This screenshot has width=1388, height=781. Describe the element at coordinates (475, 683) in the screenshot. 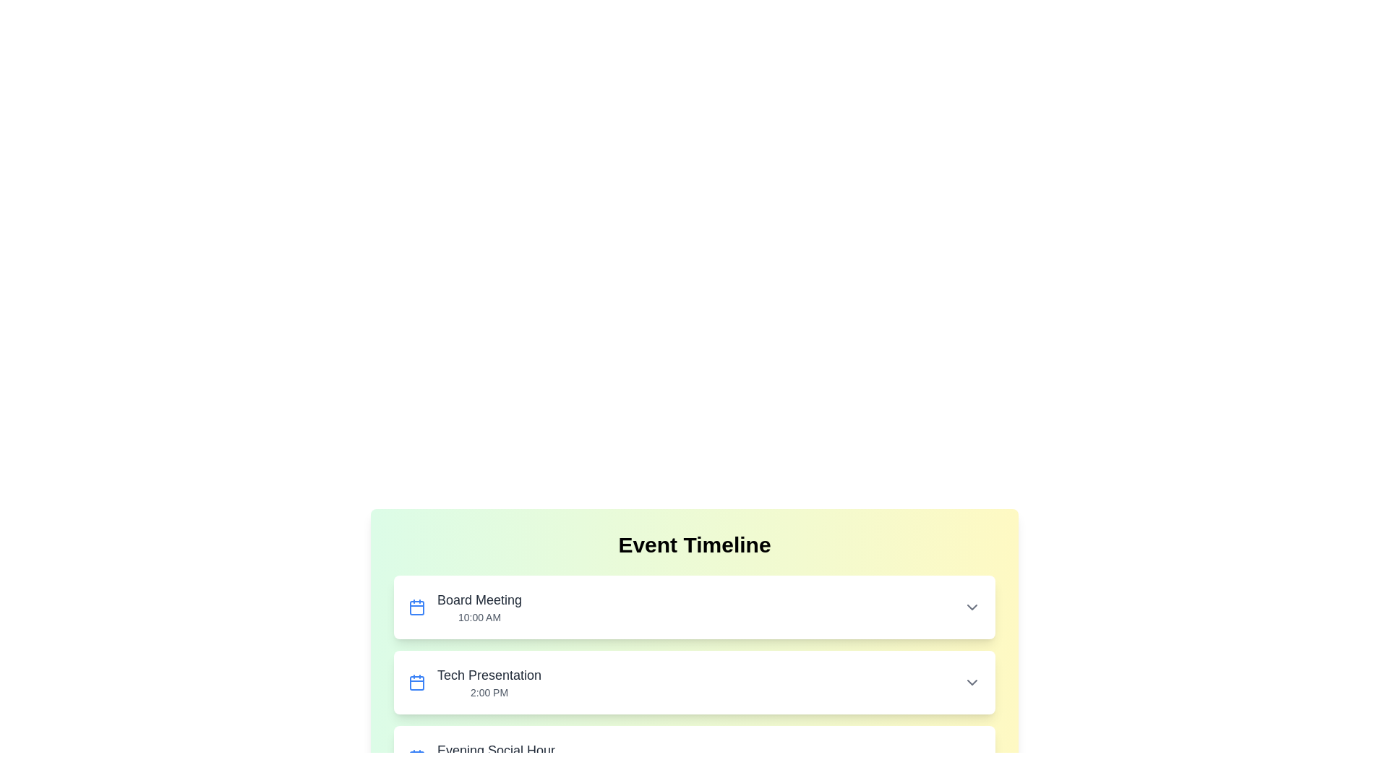

I see `the list item labeled 'Tech Presentation' with a calendar icon` at that location.